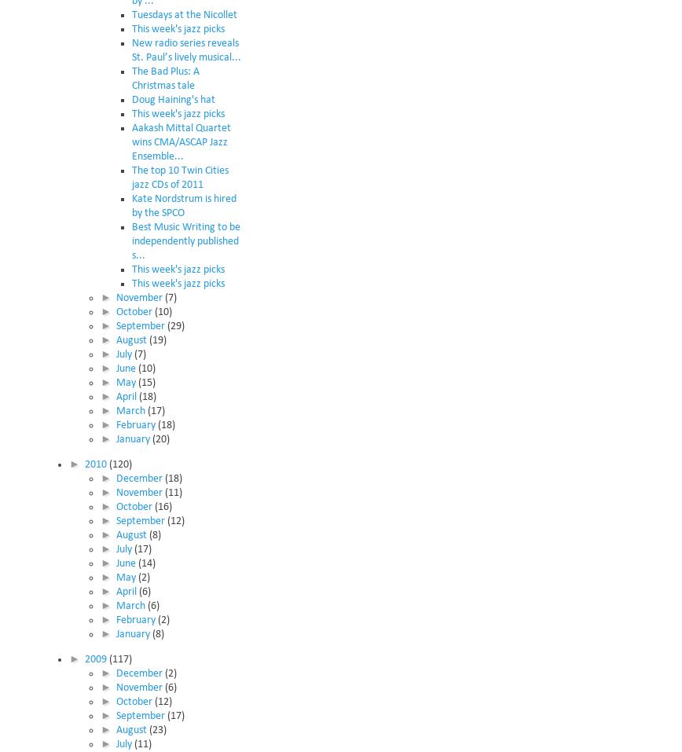  Describe the element at coordinates (184, 204) in the screenshot. I see `'Kate Nordstrum is hired by the SPCO'` at that location.